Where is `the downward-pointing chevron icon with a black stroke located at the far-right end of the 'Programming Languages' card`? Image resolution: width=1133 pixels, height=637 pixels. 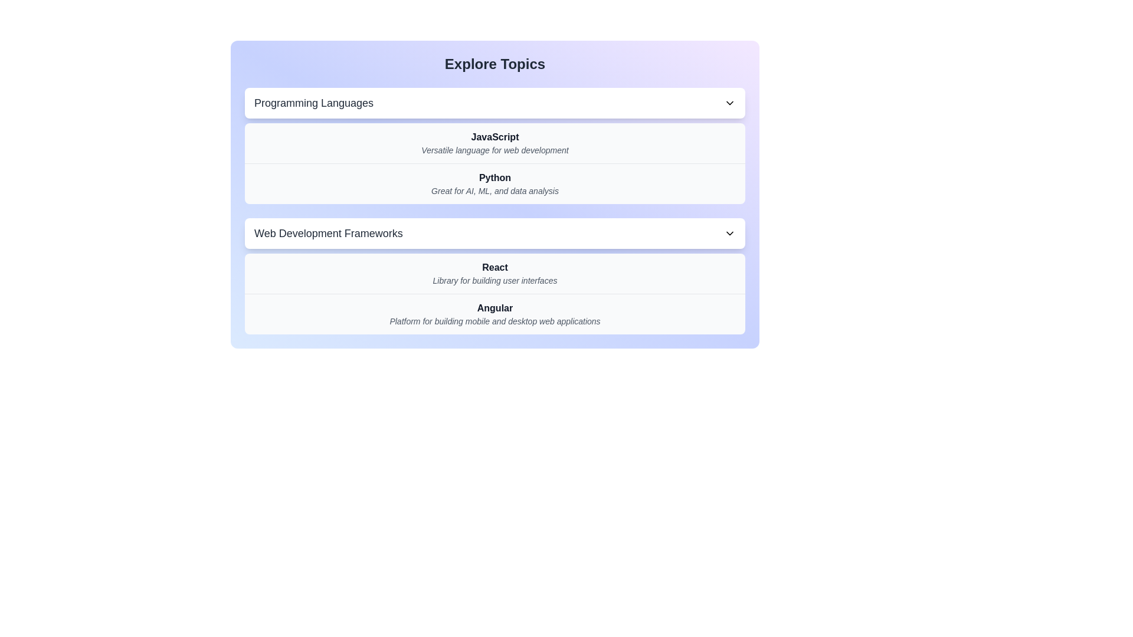 the downward-pointing chevron icon with a black stroke located at the far-right end of the 'Programming Languages' card is located at coordinates (729, 102).